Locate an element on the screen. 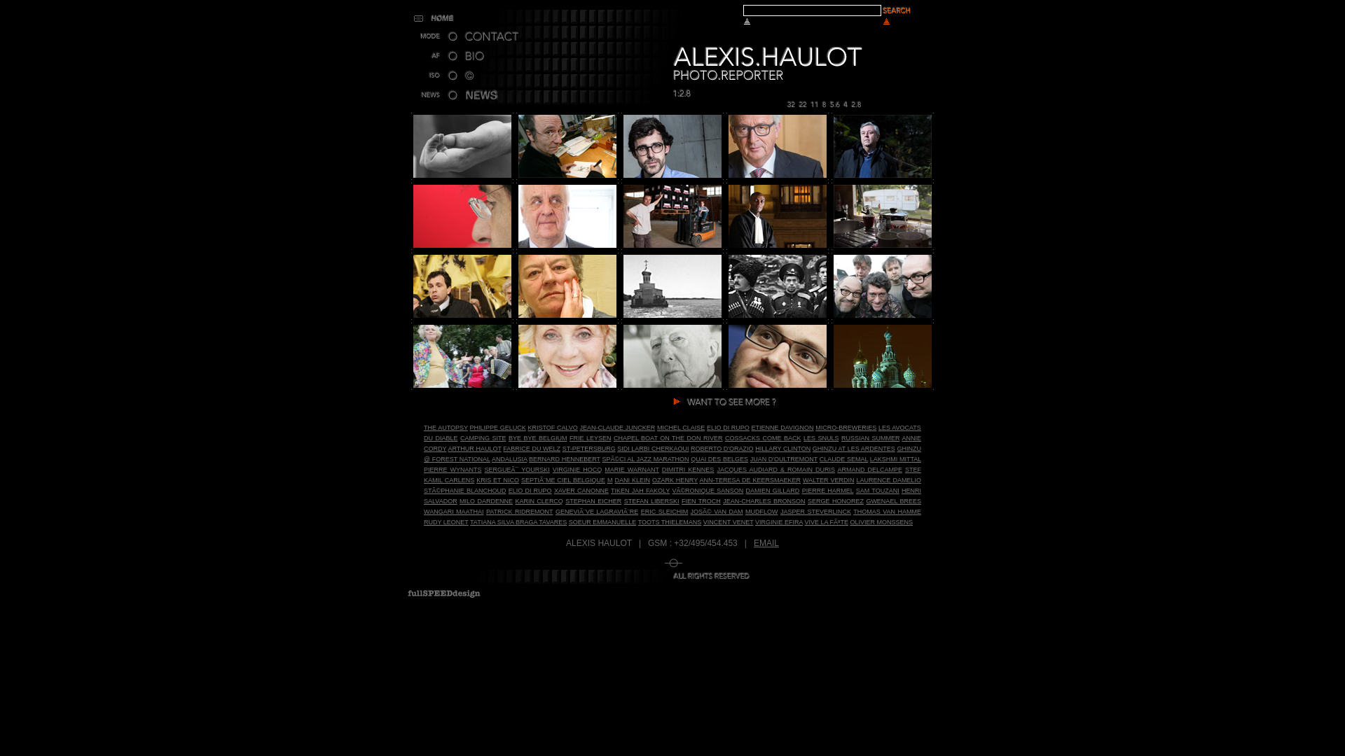 The image size is (1345, 756). 'ANN-TERESA DE KEERSMAEKER' is located at coordinates (699, 479).